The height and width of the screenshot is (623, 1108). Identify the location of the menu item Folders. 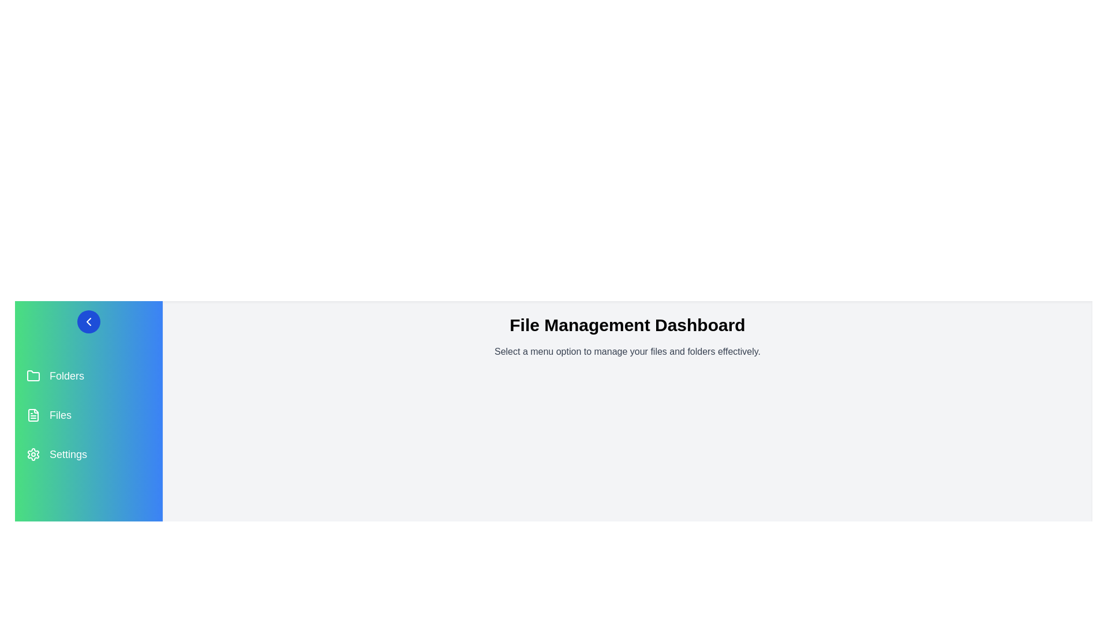
(88, 376).